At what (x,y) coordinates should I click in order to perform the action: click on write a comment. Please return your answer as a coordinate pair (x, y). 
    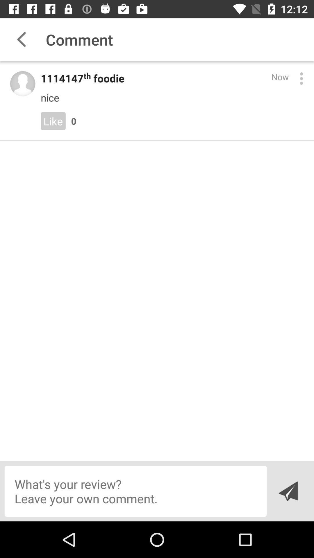
    Looking at the image, I should click on (135, 491).